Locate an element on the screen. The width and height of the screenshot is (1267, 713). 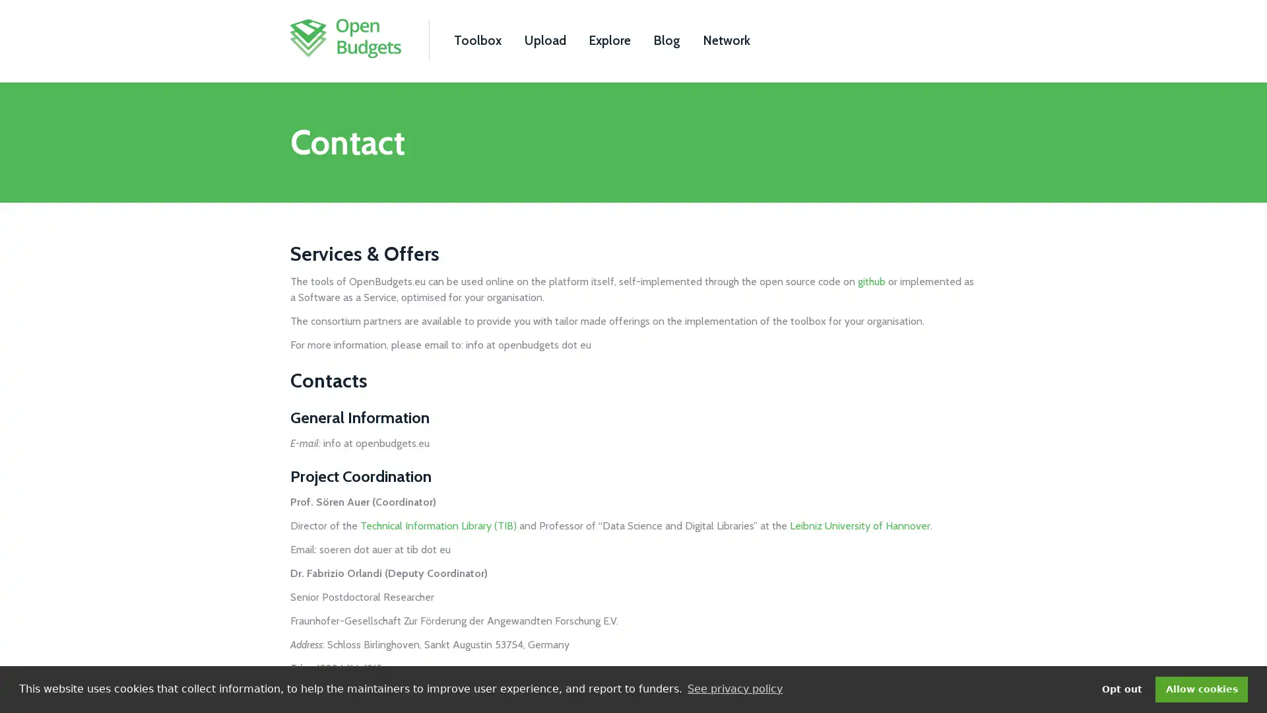
learn more about cookies is located at coordinates (734, 689).